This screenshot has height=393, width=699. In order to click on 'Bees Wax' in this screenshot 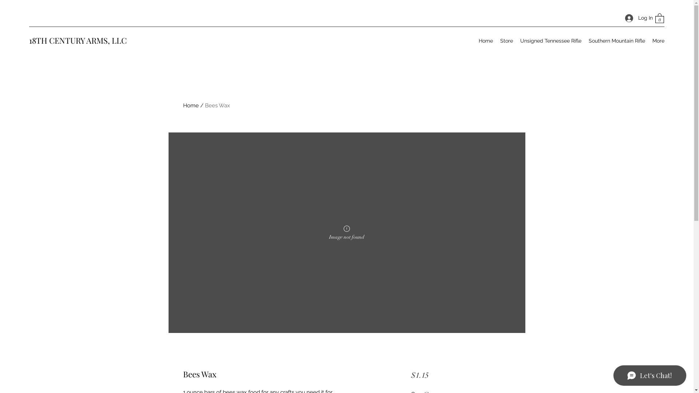, I will do `click(217, 105)`.